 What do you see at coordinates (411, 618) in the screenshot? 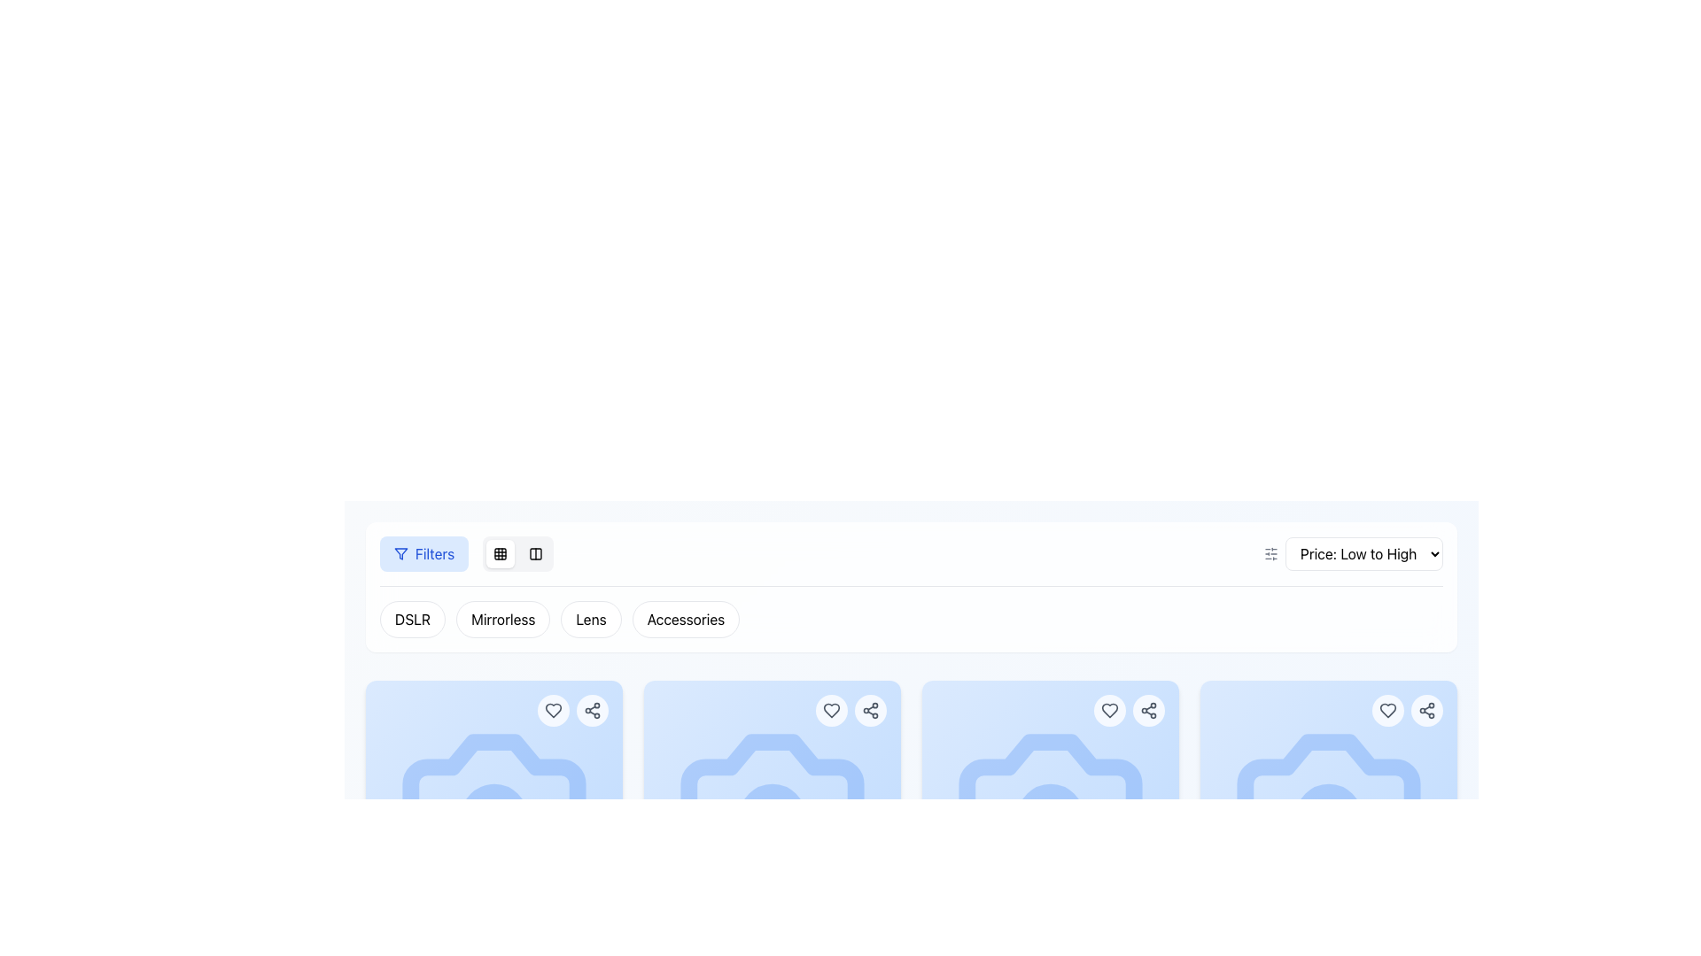
I see `the pill-shaped button labeled 'DSLR'` at bounding box center [411, 618].